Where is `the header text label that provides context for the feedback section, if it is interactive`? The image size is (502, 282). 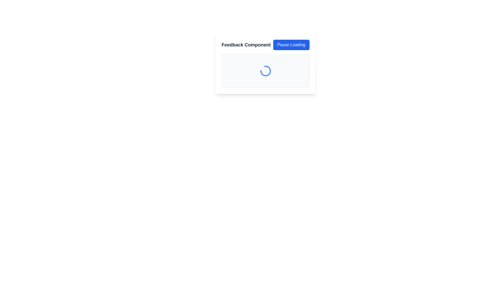 the header text label that provides context for the feedback section, if it is interactive is located at coordinates (246, 45).